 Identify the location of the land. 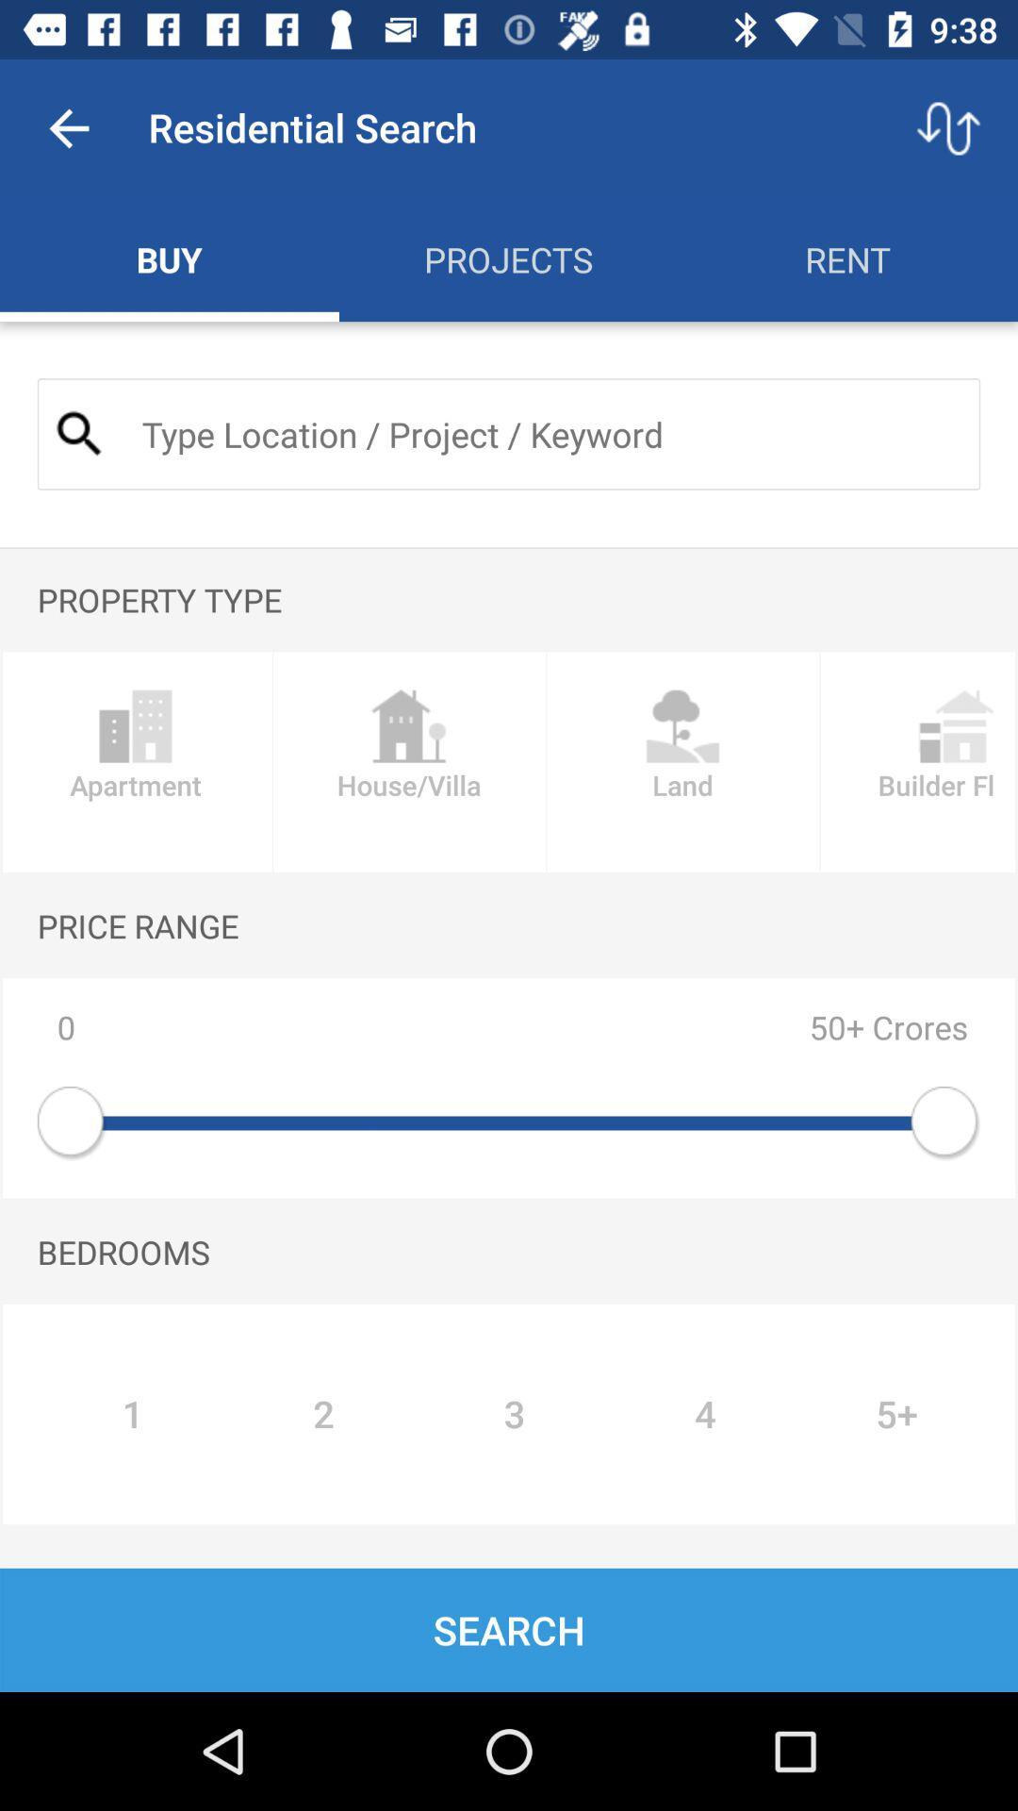
(682, 762).